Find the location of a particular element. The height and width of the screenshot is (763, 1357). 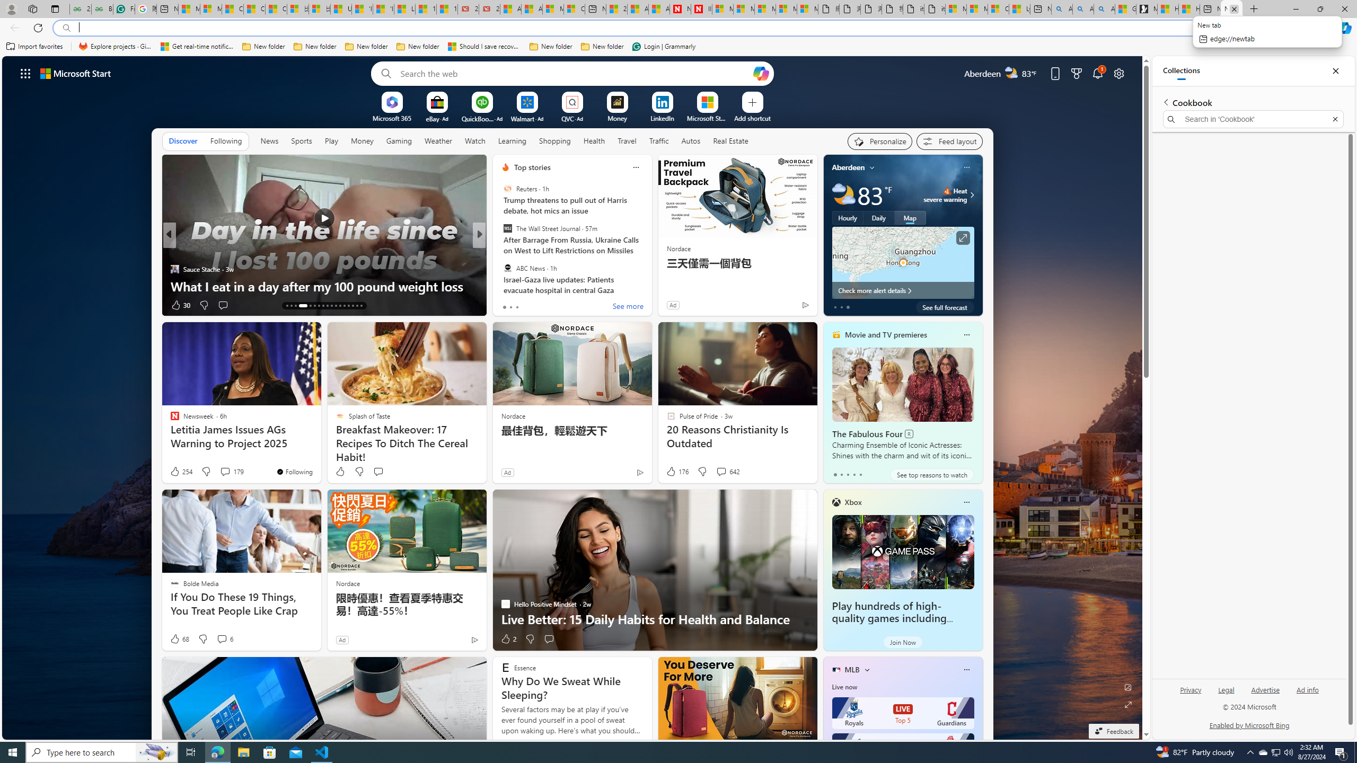

'Traffic' is located at coordinates (658, 140).